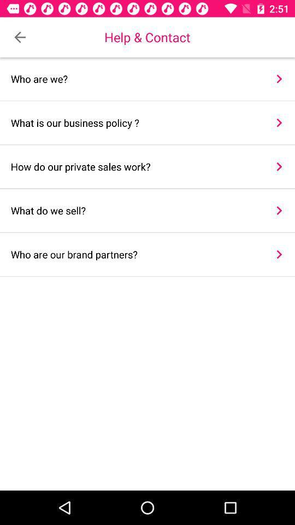  I want to click on the icon to the right of who are we?, so click(279, 78).